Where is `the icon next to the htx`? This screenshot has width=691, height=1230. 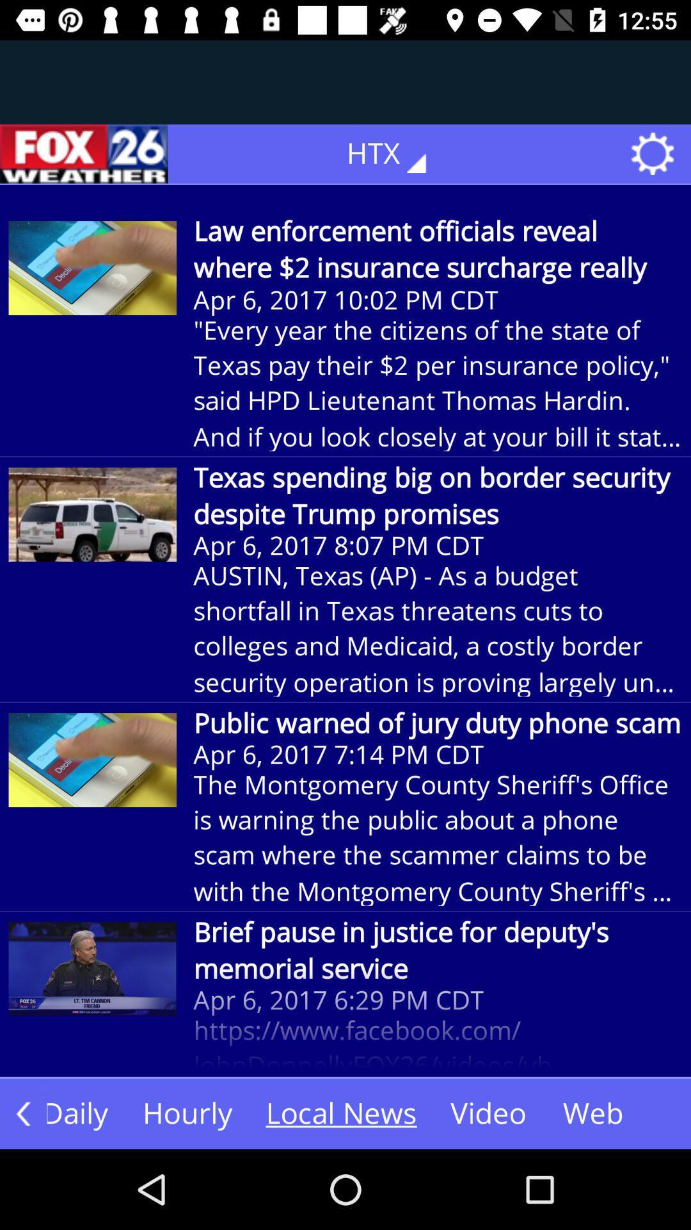 the icon next to the htx is located at coordinates (84, 154).